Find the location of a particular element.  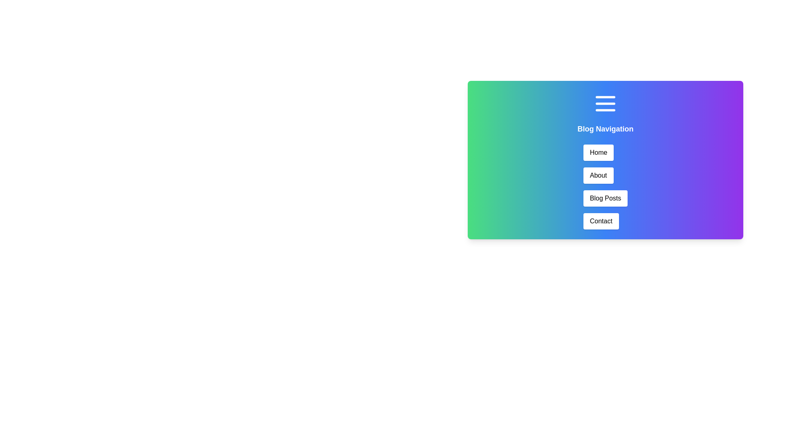

the 'Contact' button to view contact details is located at coordinates (601, 221).